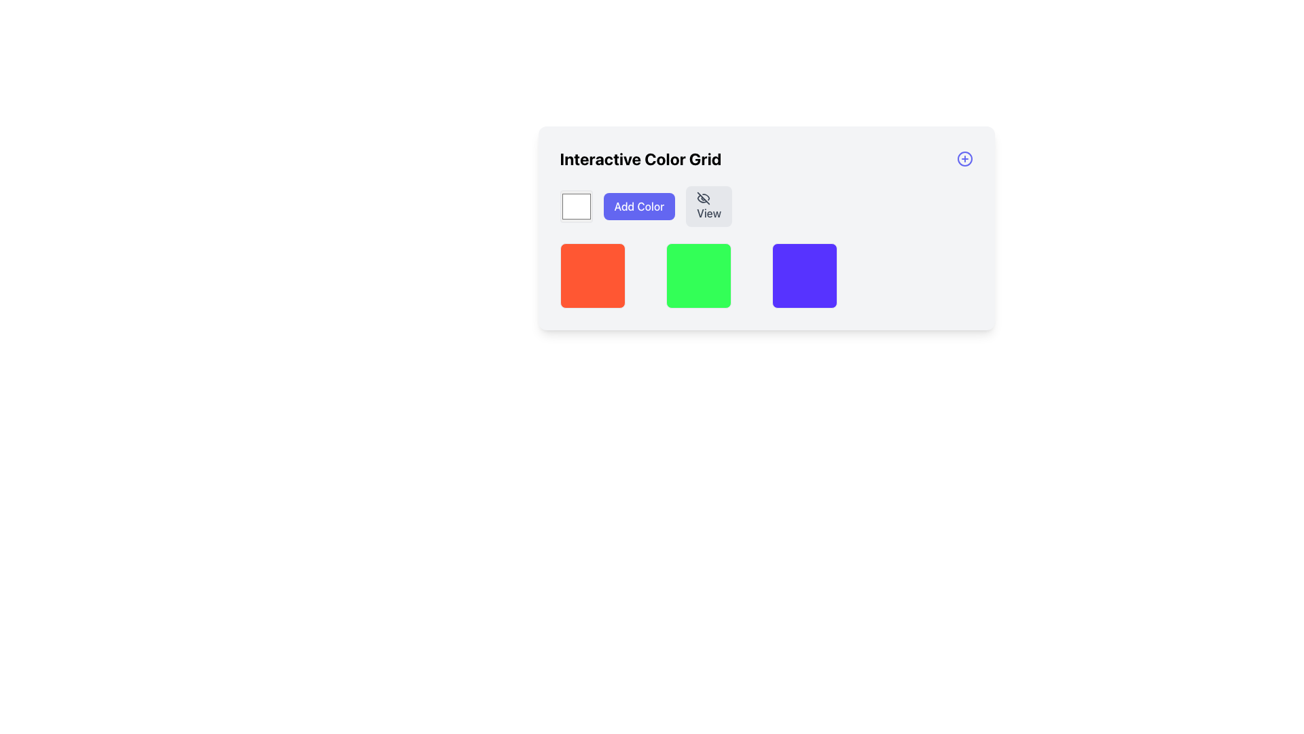 This screenshot has height=734, width=1304. Describe the element at coordinates (708, 207) in the screenshot. I see `the 'View' button with a gray background and an eye icon` at that location.